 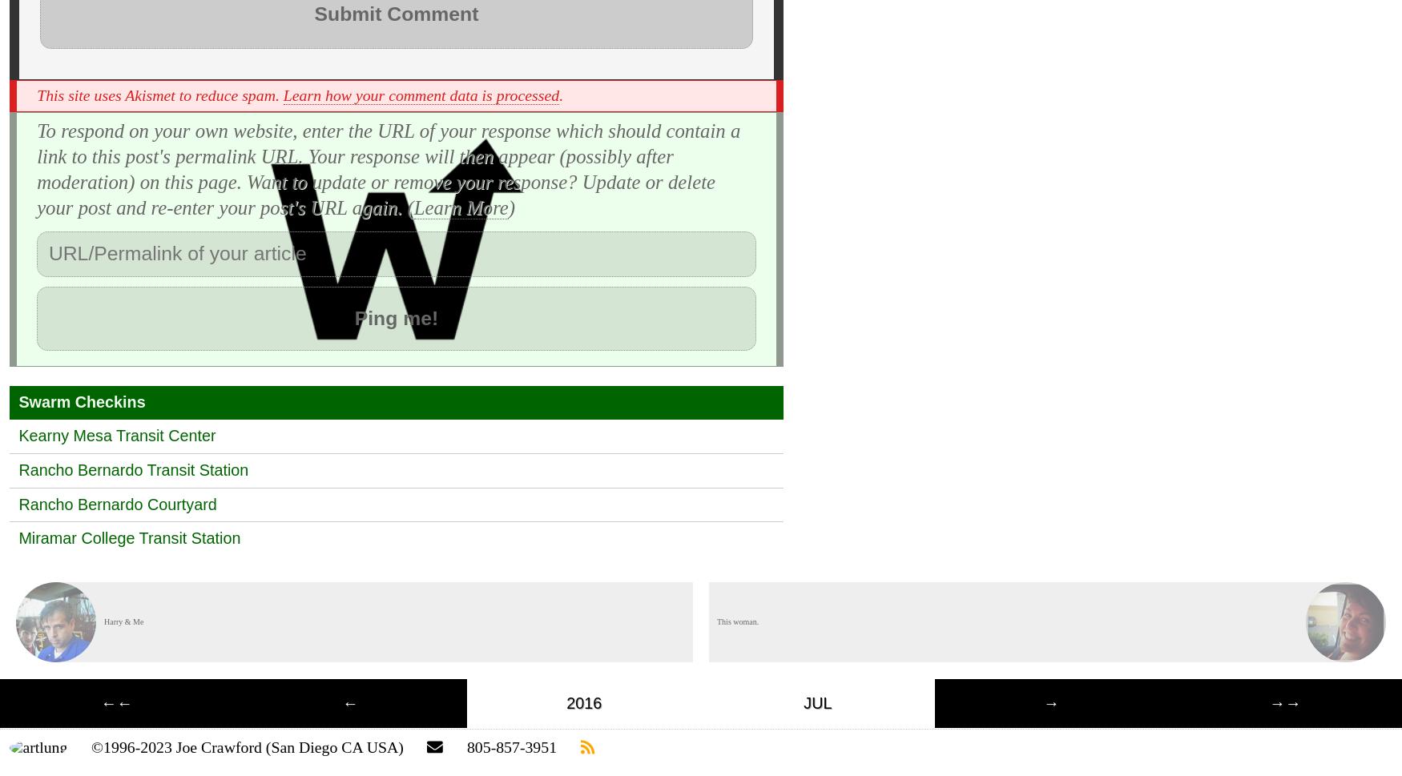 I want to click on 'Joe Crawford (San Diego CA USA)', so click(x=175, y=746).